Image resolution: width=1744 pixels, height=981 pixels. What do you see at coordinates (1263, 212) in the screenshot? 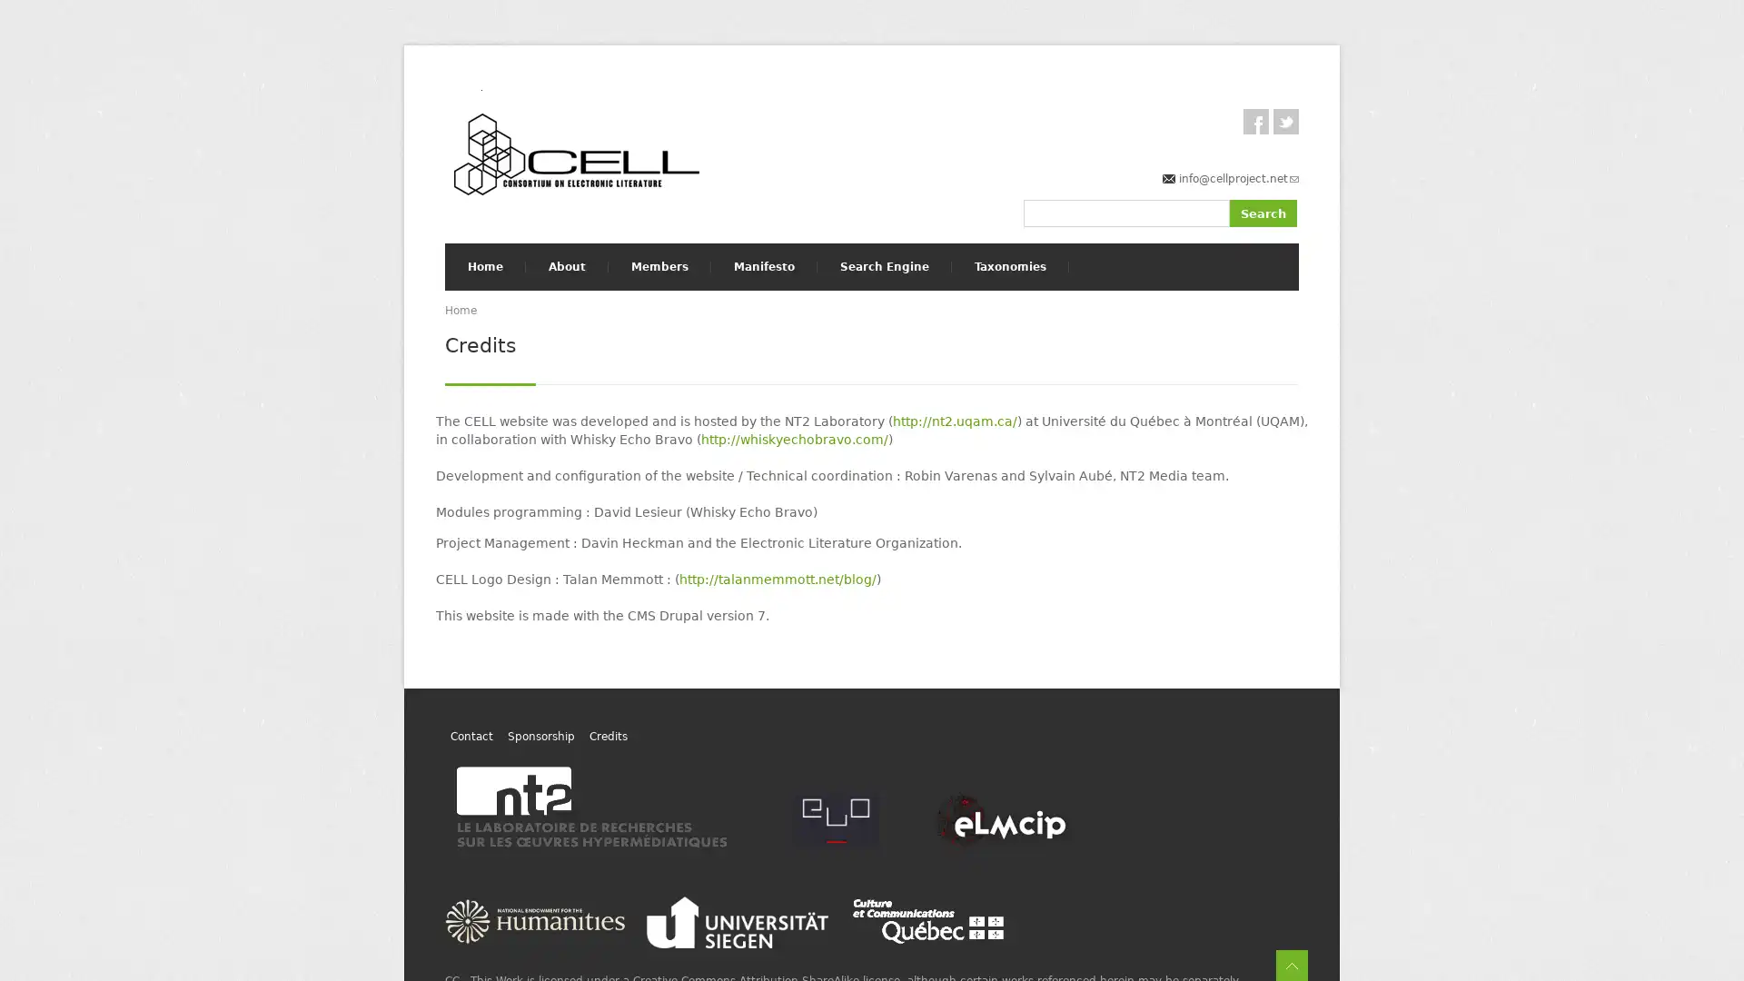
I see `Search` at bounding box center [1263, 212].